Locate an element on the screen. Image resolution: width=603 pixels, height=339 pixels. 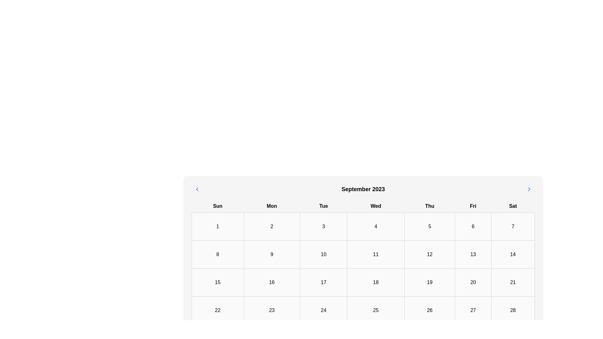
the calendar cell representing the date '2' in the Monday column is located at coordinates (272, 226).